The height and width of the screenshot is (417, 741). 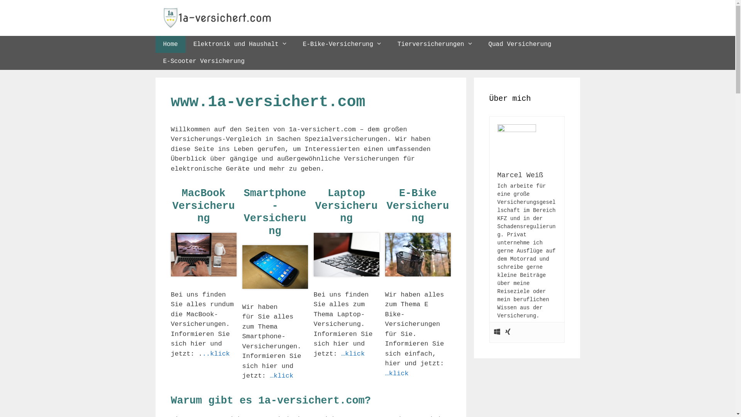 I want to click on 'Tierversicherungen', so click(x=435, y=44).